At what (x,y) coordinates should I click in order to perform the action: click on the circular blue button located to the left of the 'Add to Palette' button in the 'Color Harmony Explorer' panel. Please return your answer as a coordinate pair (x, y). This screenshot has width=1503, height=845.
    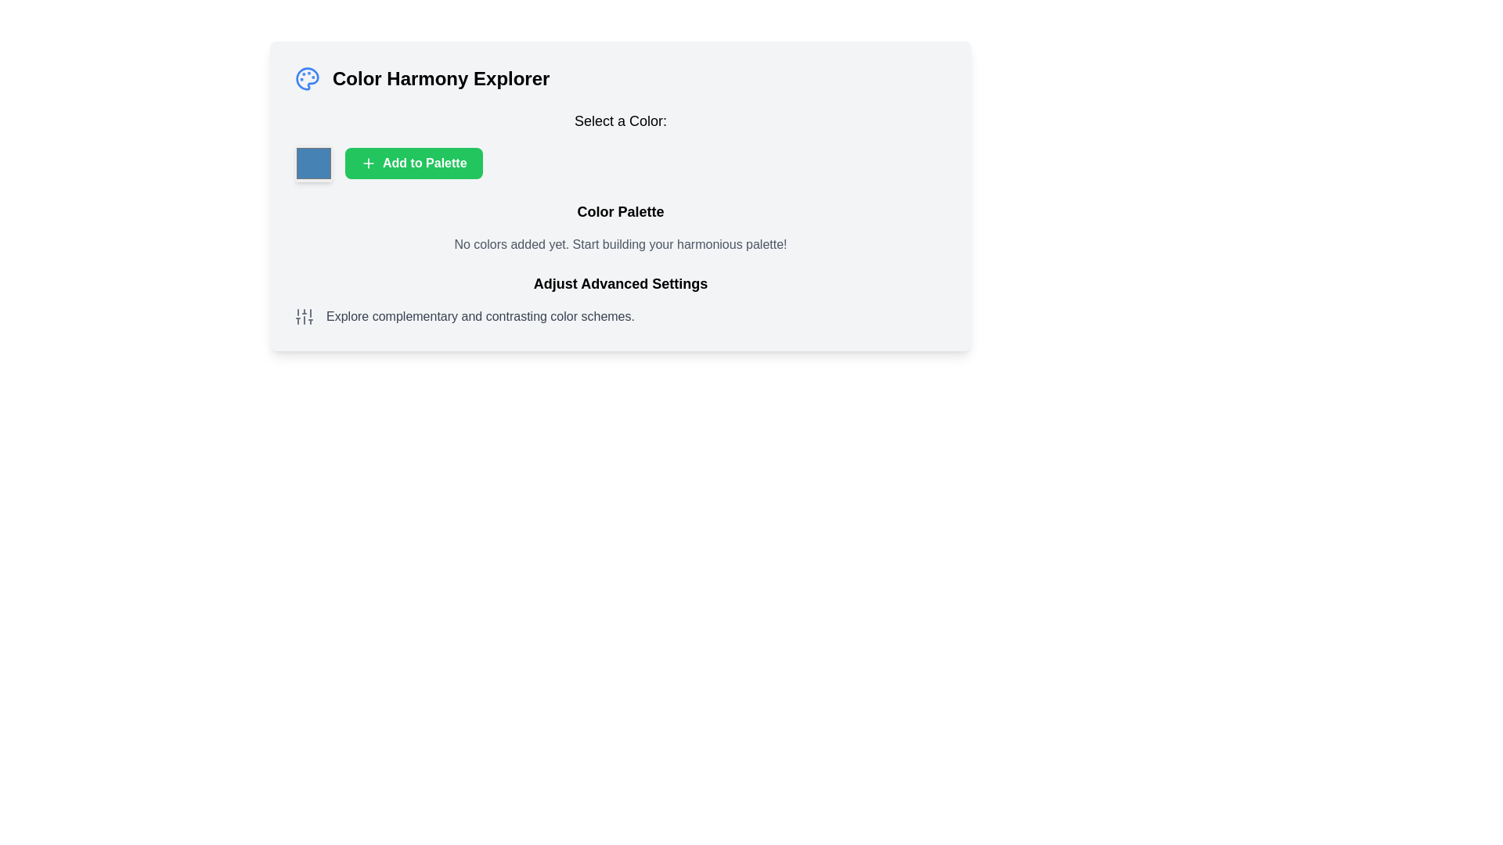
    Looking at the image, I should click on (313, 163).